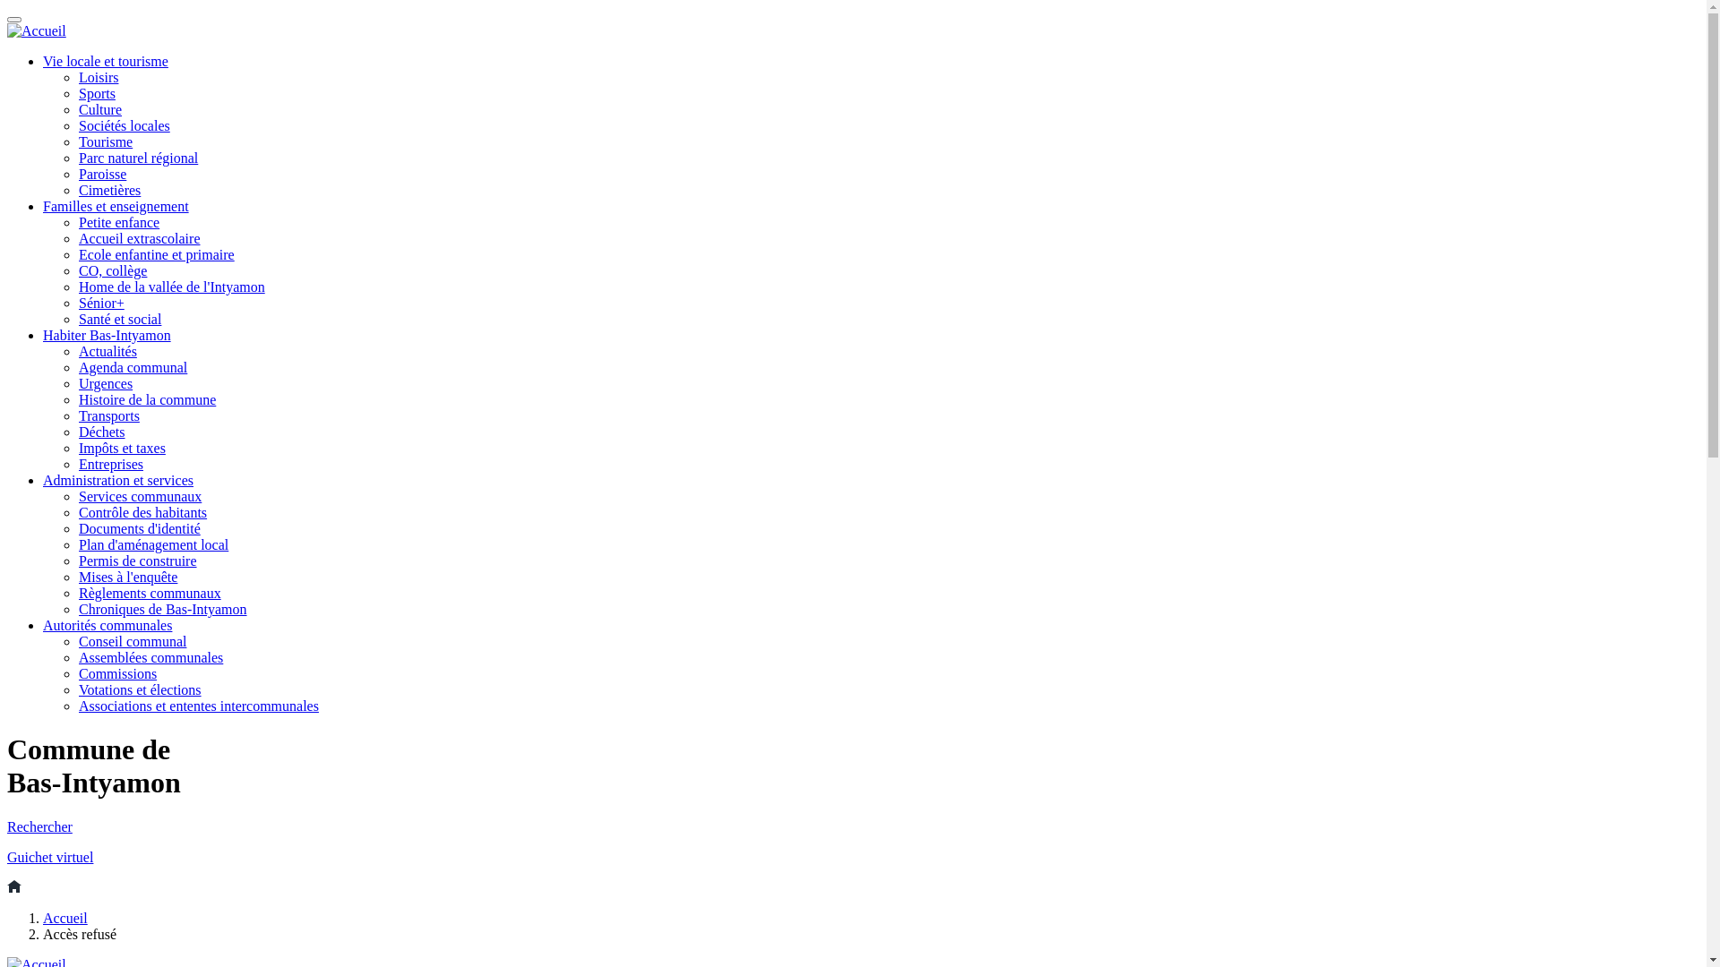 The width and height of the screenshot is (1720, 967). What do you see at coordinates (98, 76) in the screenshot?
I see `'Loisirs'` at bounding box center [98, 76].